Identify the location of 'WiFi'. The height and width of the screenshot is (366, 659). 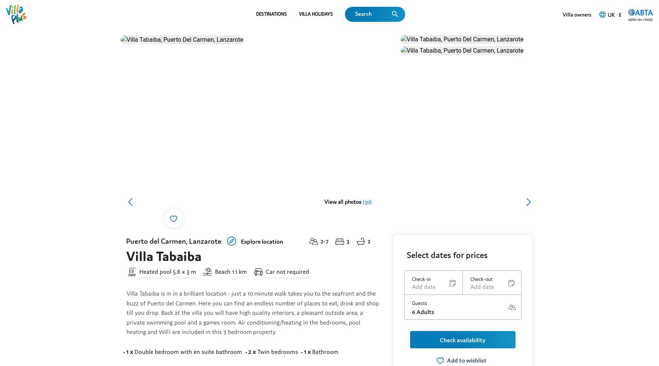
(429, 187).